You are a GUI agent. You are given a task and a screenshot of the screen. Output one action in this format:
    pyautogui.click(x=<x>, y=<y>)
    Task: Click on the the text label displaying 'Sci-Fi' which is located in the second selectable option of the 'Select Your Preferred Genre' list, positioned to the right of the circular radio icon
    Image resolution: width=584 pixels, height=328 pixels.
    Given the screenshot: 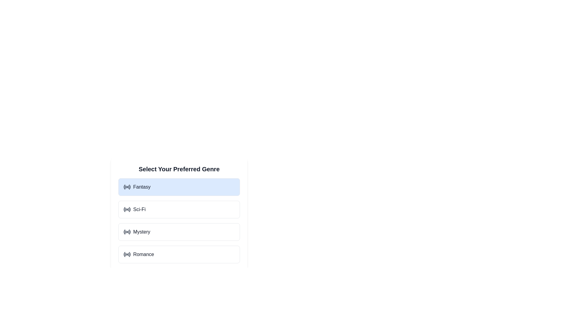 What is the action you would take?
    pyautogui.click(x=139, y=209)
    